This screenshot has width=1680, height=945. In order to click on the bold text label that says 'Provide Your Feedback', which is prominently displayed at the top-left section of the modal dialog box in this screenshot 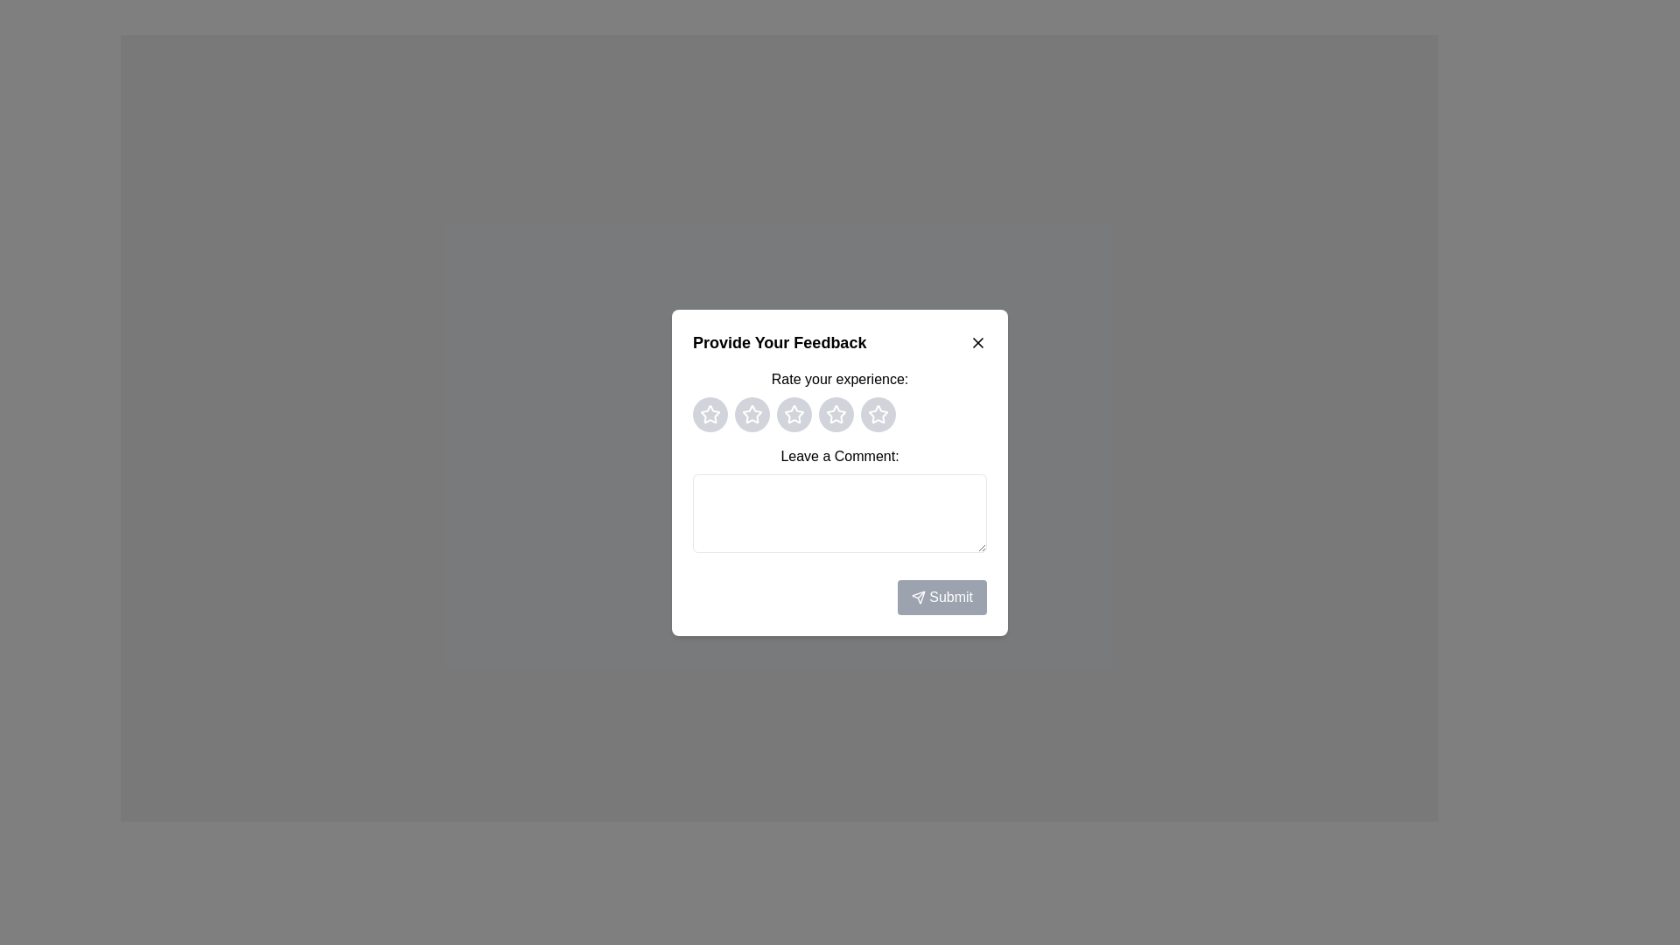, I will do `click(779, 342)`.